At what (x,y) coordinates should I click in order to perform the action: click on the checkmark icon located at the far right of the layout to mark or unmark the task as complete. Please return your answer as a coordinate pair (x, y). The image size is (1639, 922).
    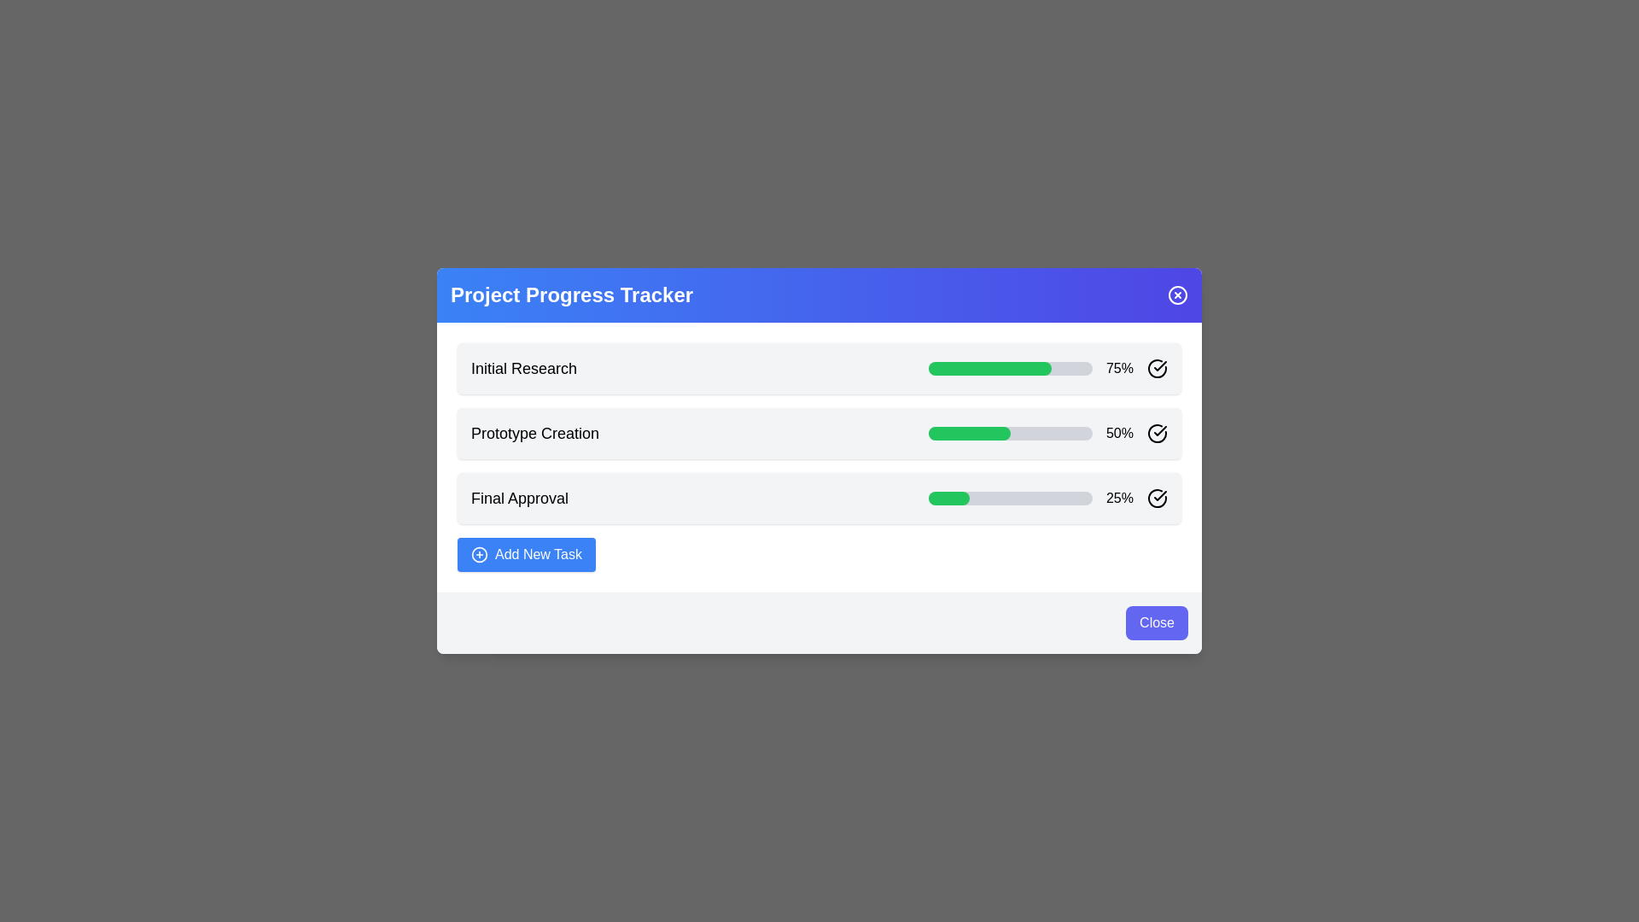
    Looking at the image, I should click on (1158, 433).